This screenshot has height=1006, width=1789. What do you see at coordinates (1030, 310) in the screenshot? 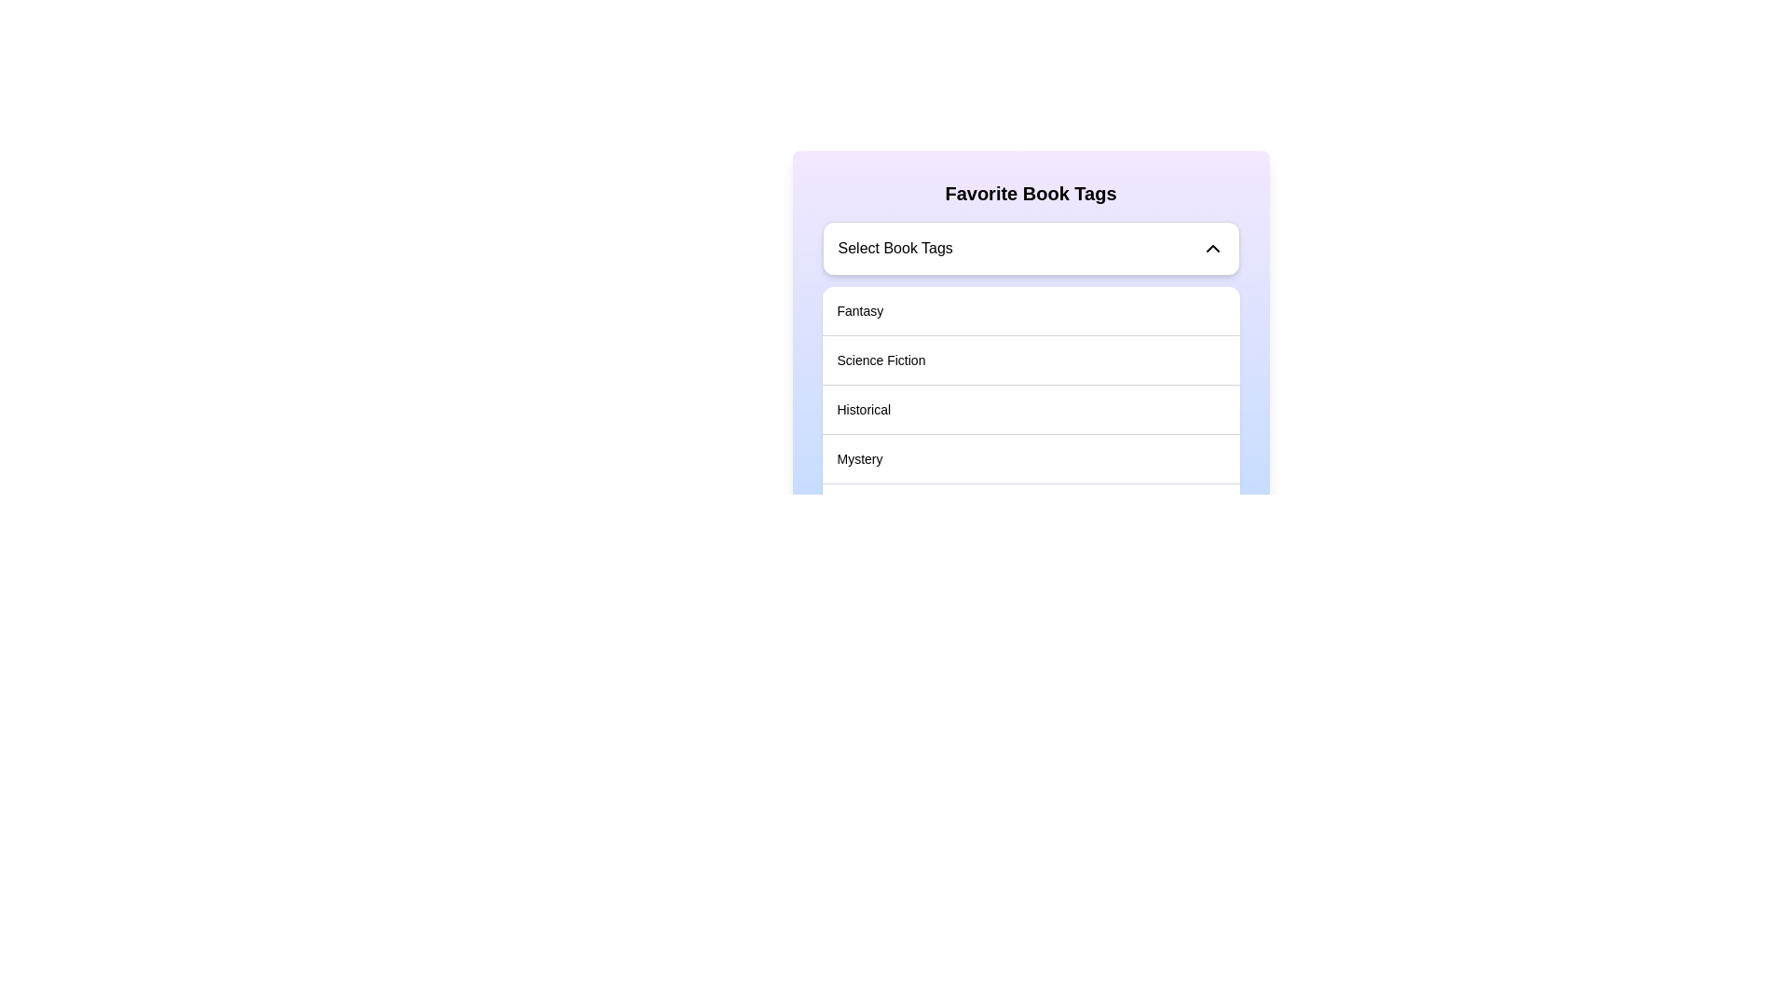
I see `the first selectable list item for the 'Fantasy' category under the 'Favorite Book Tags' section` at bounding box center [1030, 310].